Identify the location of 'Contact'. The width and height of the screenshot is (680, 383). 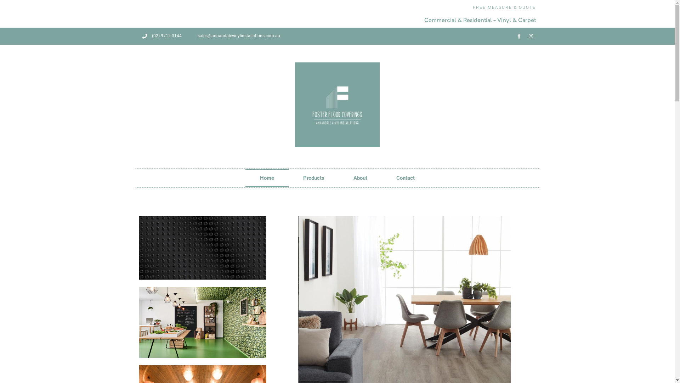
(406, 177).